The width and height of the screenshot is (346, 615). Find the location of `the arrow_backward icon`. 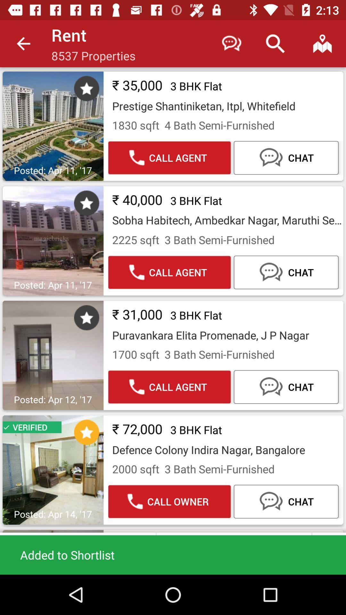

the arrow_backward icon is located at coordinates (23, 43).